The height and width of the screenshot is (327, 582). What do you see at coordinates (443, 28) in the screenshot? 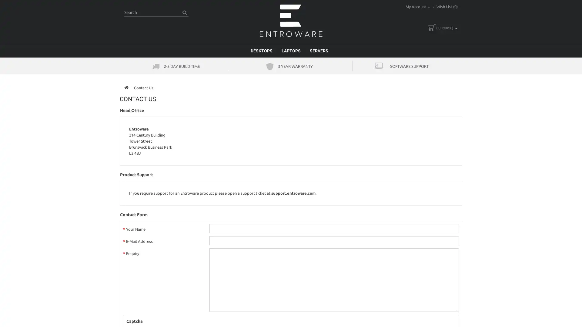
I see `( 0 items )` at bounding box center [443, 28].